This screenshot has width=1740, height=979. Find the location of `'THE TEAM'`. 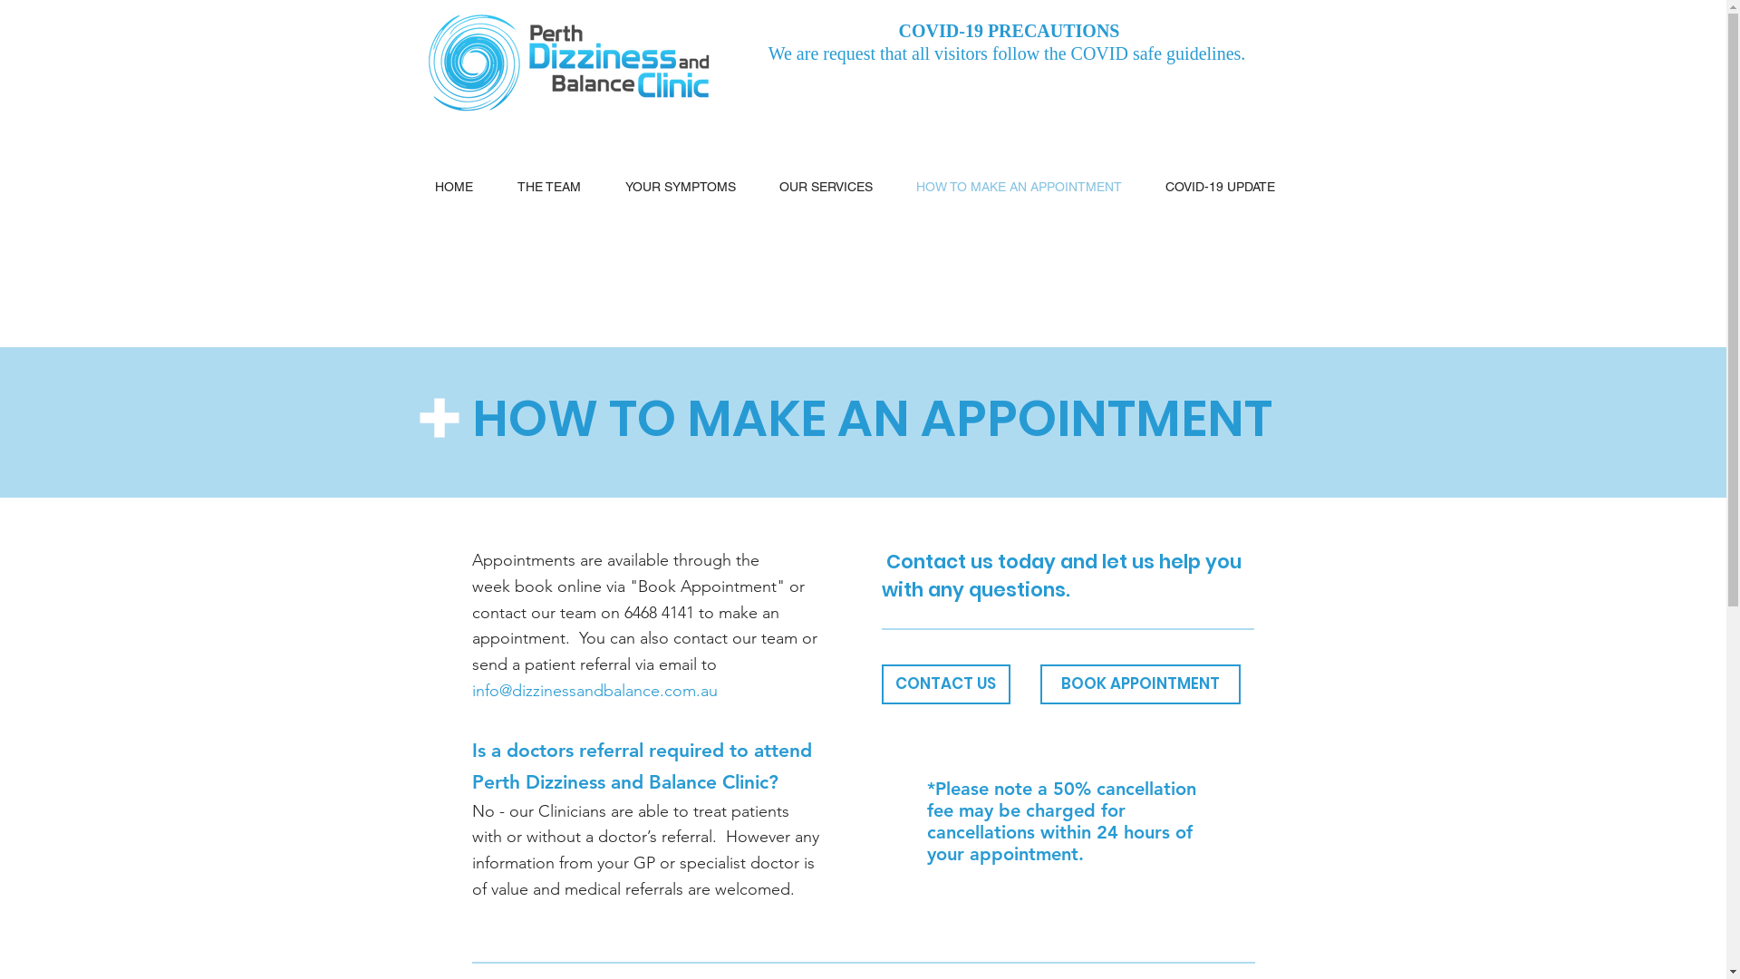

'THE TEAM' is located at coordinates (556, 186).